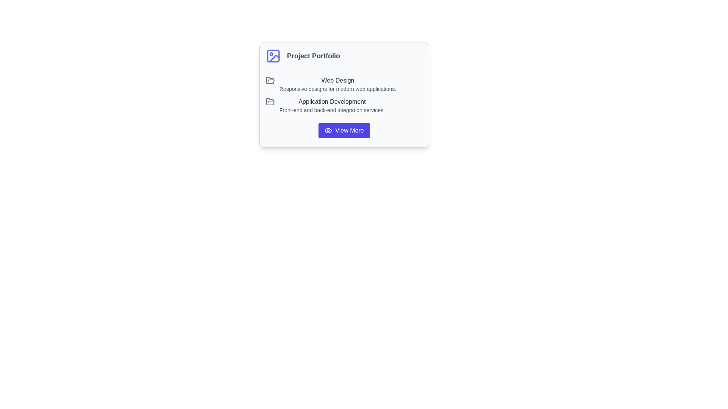 The image size is (728, 409). What do you see at coordinates (332, 101) in the screenshot?
I see `text from the second bolded text label within the 'Project Portfolio' card, located below the 'Web Design' label` at bounding box center [332, 101].